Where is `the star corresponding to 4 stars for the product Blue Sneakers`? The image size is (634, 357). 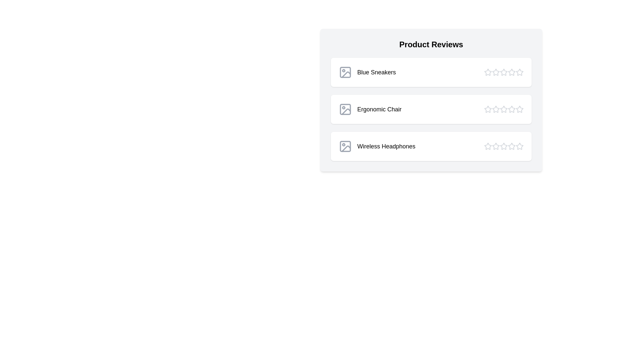
the star corresponding to 4 stars for the product Blue Sneakers is located at coordinates (511, 72).